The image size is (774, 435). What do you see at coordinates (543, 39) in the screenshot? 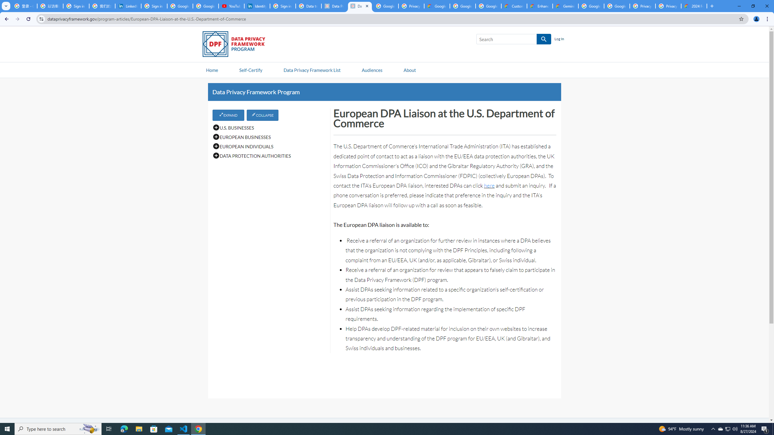
I see `'SEARCH'` at bounding box center [543, 39].